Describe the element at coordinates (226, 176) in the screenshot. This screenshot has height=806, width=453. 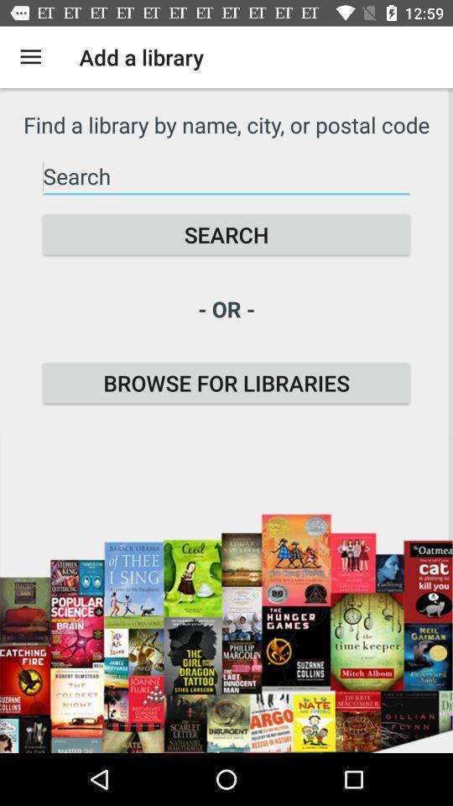
I see `the icon above the search icon` at that location.